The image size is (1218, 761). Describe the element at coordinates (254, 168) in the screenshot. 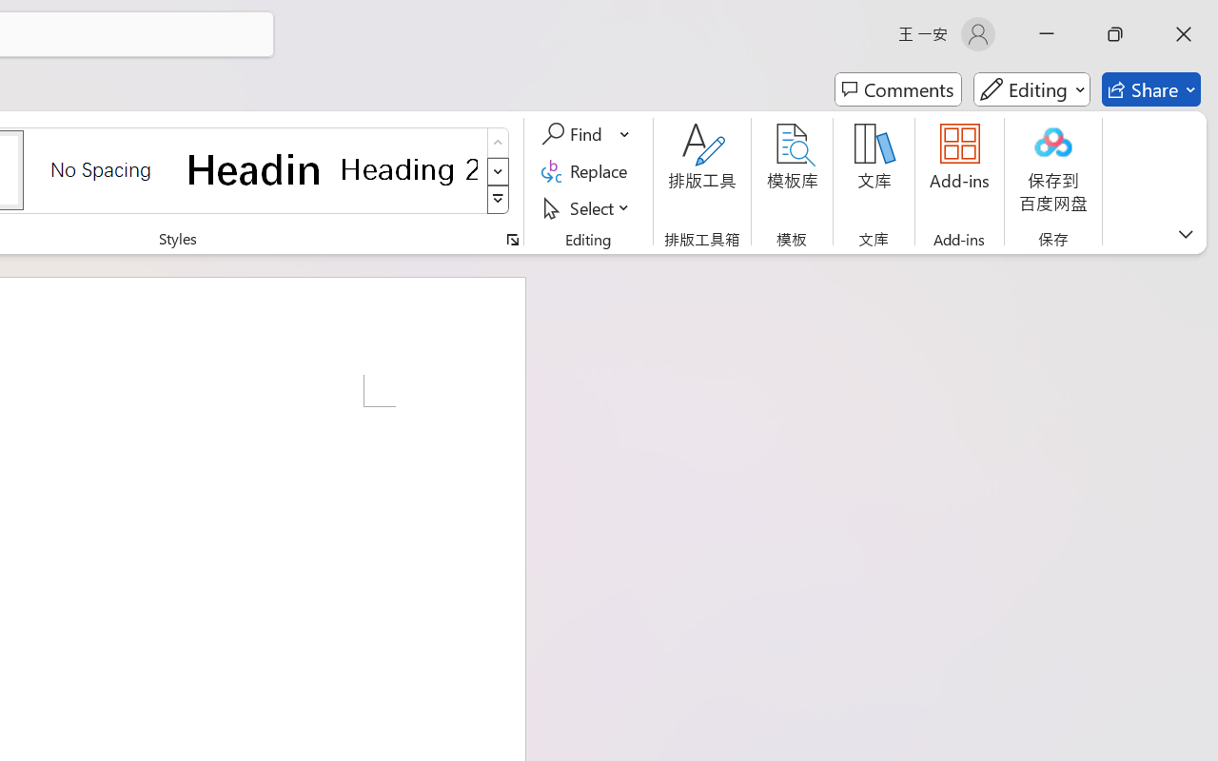

I see `'Heading 1'` at that location.